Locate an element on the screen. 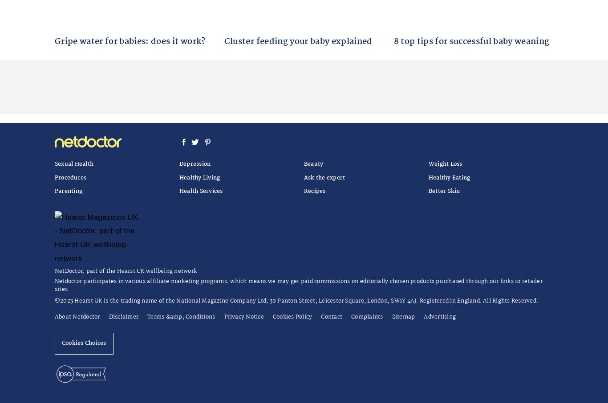 This screenshot has width=608, height=403. 'Weight Loss' is located at coordinates (445, 163).